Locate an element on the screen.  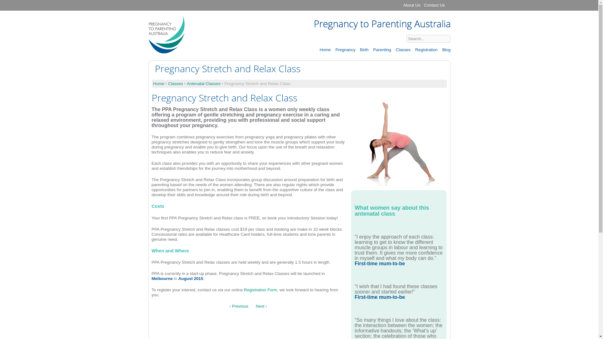
'Contact Us' is located at coordinates (434, 5).